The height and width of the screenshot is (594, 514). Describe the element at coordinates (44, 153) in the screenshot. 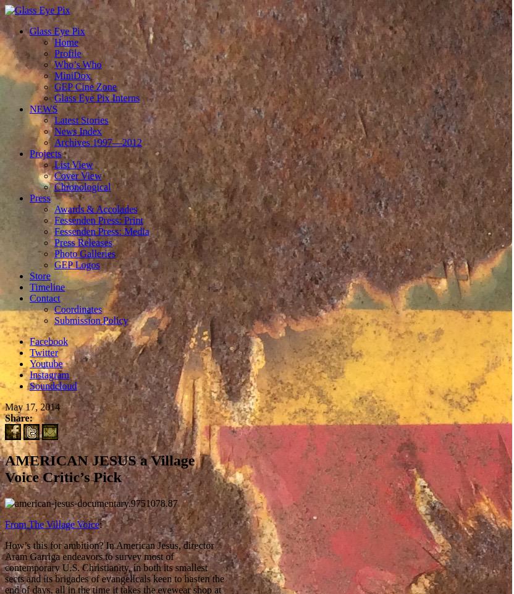

I see `'Projects'` at that location.